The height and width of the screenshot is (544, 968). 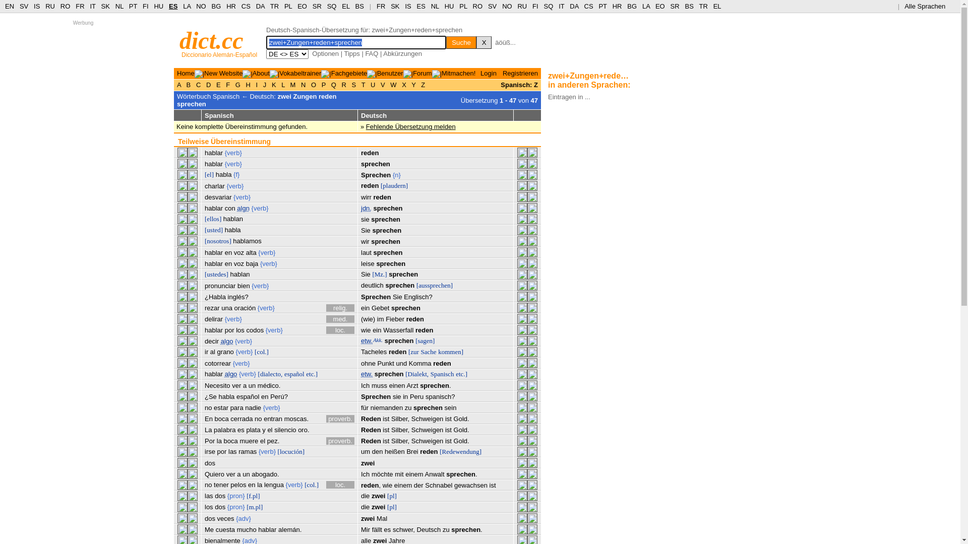 I want to click on 'no', so click(x=204, y=407).